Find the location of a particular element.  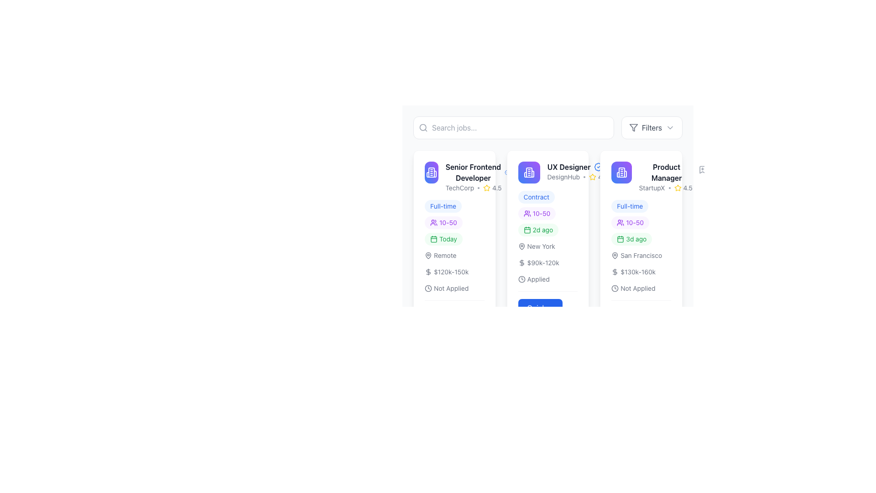

the 'Product Manager' text display element is located at coordinates (667, 177).